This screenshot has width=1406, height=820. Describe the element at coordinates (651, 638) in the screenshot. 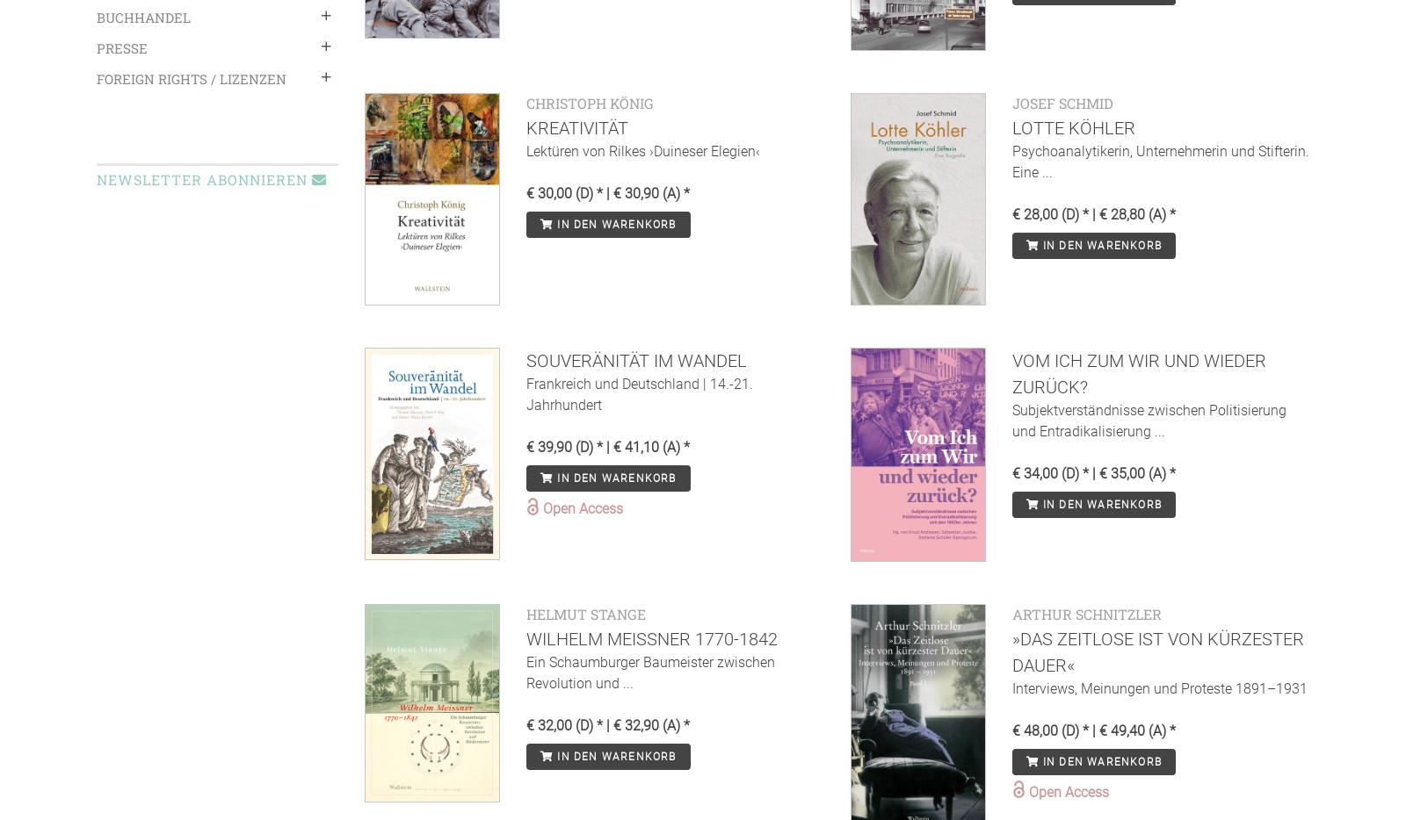

I see `'Wilhelm Meissner 1770-1842'` at that location.